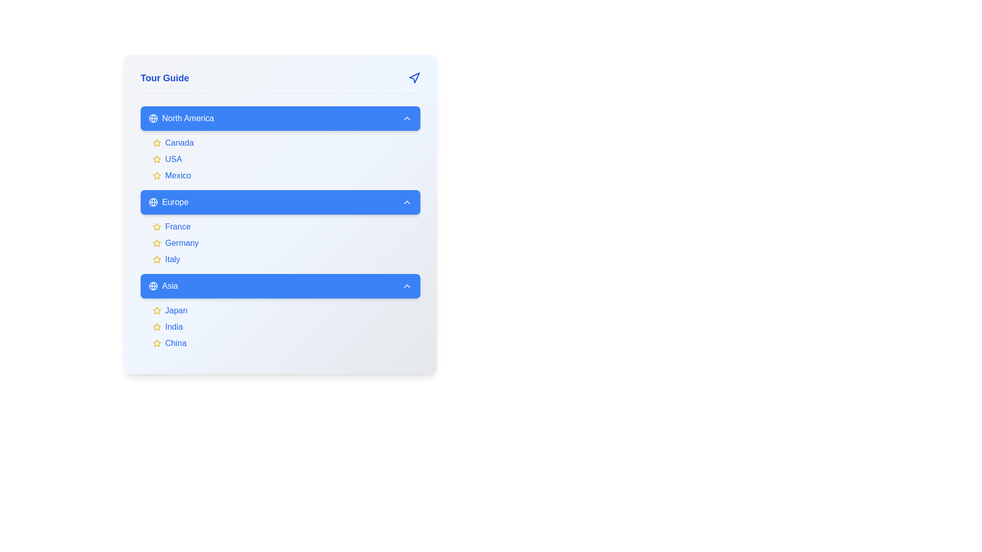 The height and width of the screenshot is (552, 982). What do you see at coordinates (407, 286) in the screenshot?
I see `the chevron-up icon on the right side of the blue button labeled 'Asia'` at bounding box center [407, 286].